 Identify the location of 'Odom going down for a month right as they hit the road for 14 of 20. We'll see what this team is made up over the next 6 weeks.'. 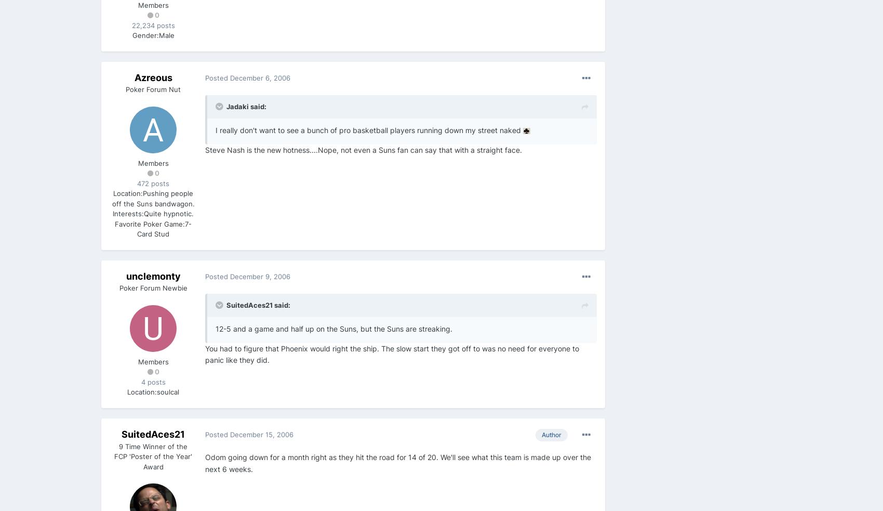
(397, 463).